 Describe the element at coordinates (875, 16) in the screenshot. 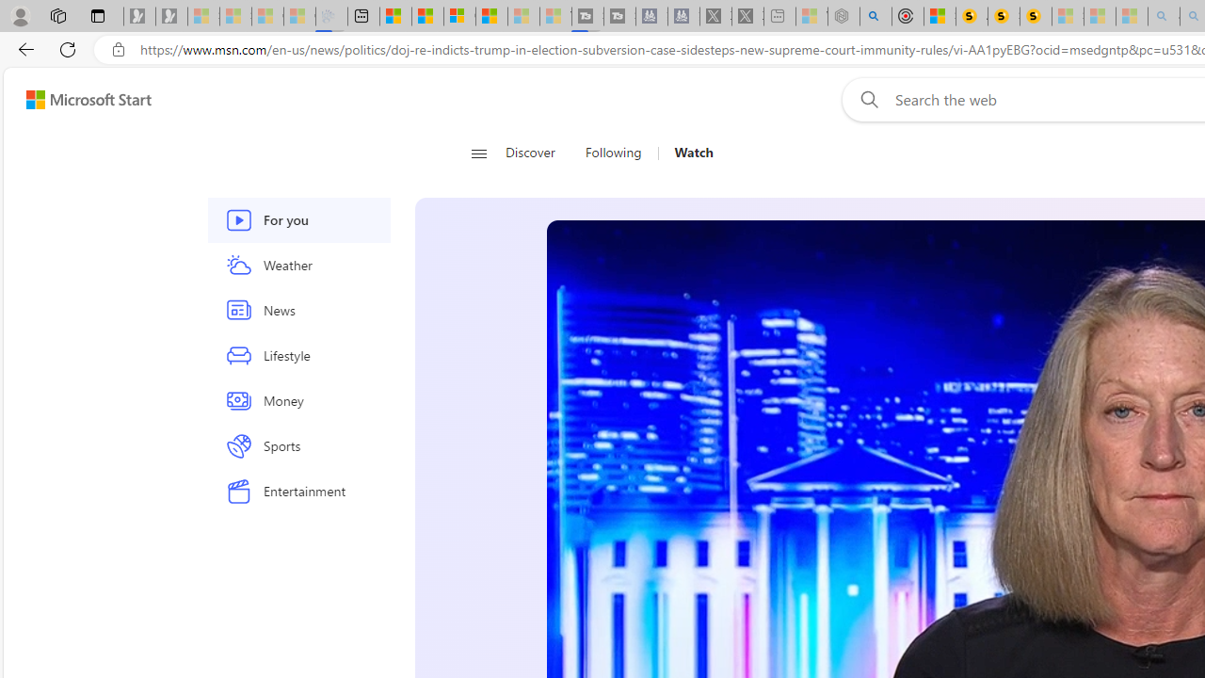

I see `'poe - Search'` at that location.